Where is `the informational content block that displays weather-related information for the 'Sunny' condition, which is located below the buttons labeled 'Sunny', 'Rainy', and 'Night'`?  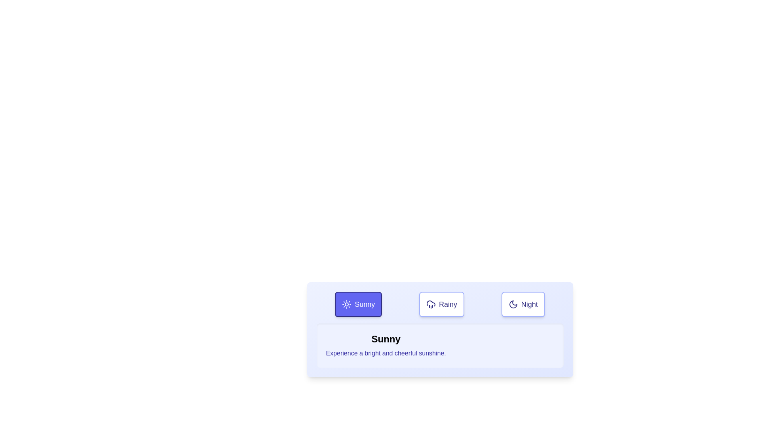 the informational content block that displays weather-related information for the 'Sunny' condition, which is located below the buttons labeled 'Sunny', 'Rainy', and 'Night' is located at coordinates (439, 345).